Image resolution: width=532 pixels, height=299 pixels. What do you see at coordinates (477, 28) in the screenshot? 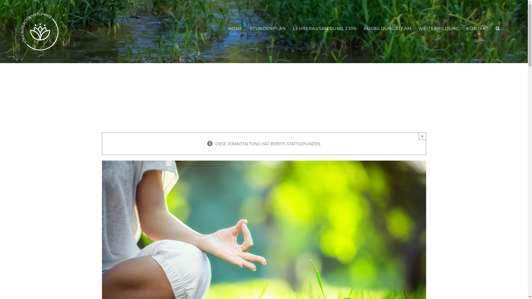
I see `'KONTAKT'` at bounding box center [477, 28].